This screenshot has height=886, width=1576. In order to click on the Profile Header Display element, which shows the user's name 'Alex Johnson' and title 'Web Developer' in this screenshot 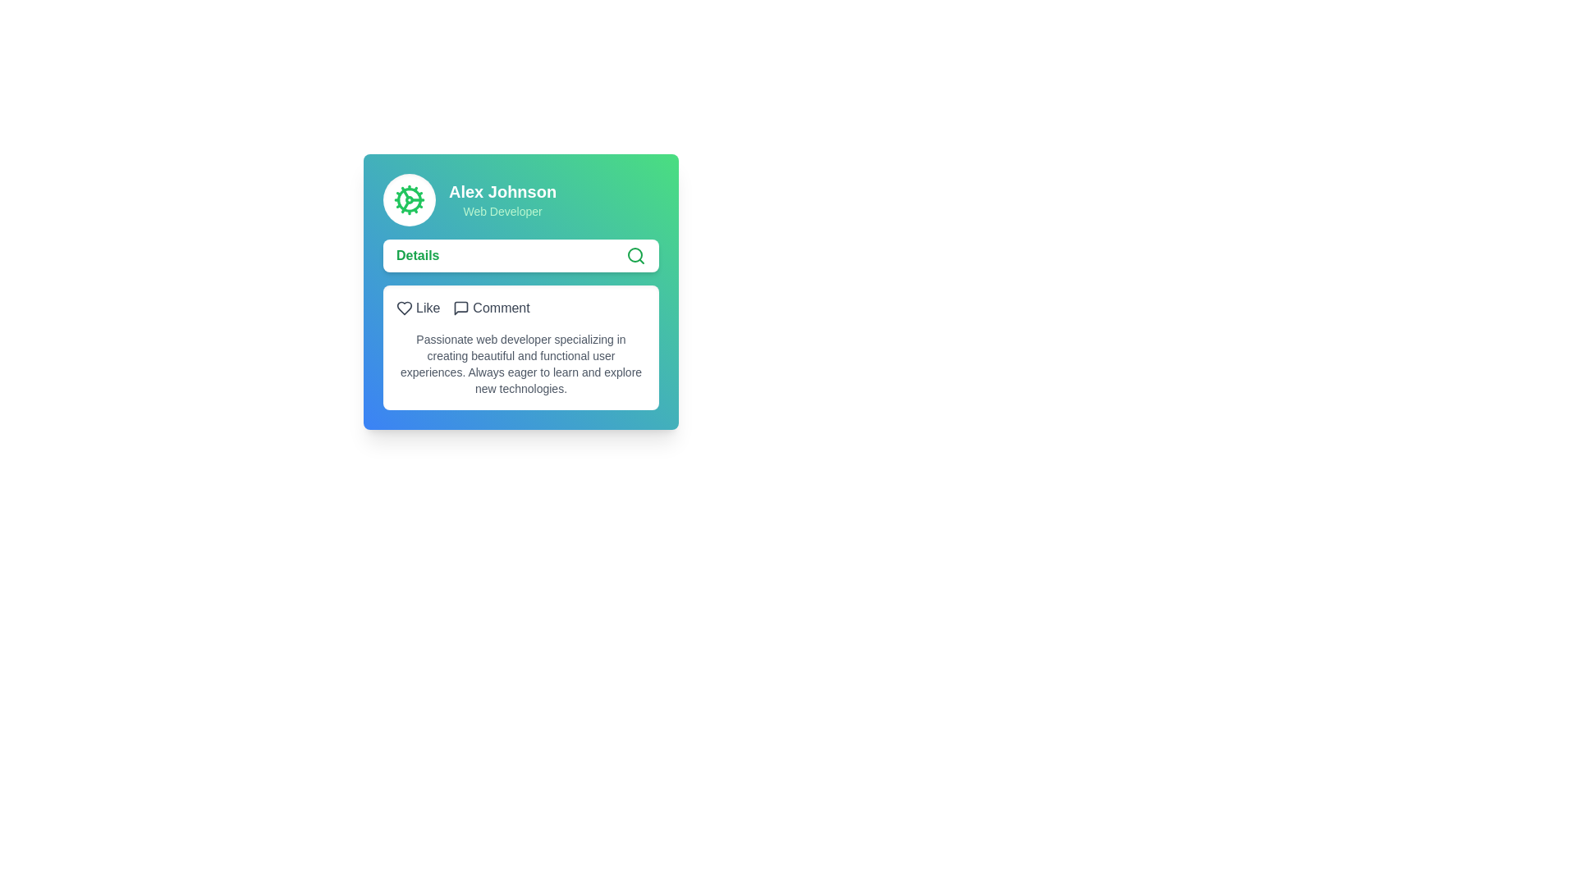, I will do `click(520, 199)`.